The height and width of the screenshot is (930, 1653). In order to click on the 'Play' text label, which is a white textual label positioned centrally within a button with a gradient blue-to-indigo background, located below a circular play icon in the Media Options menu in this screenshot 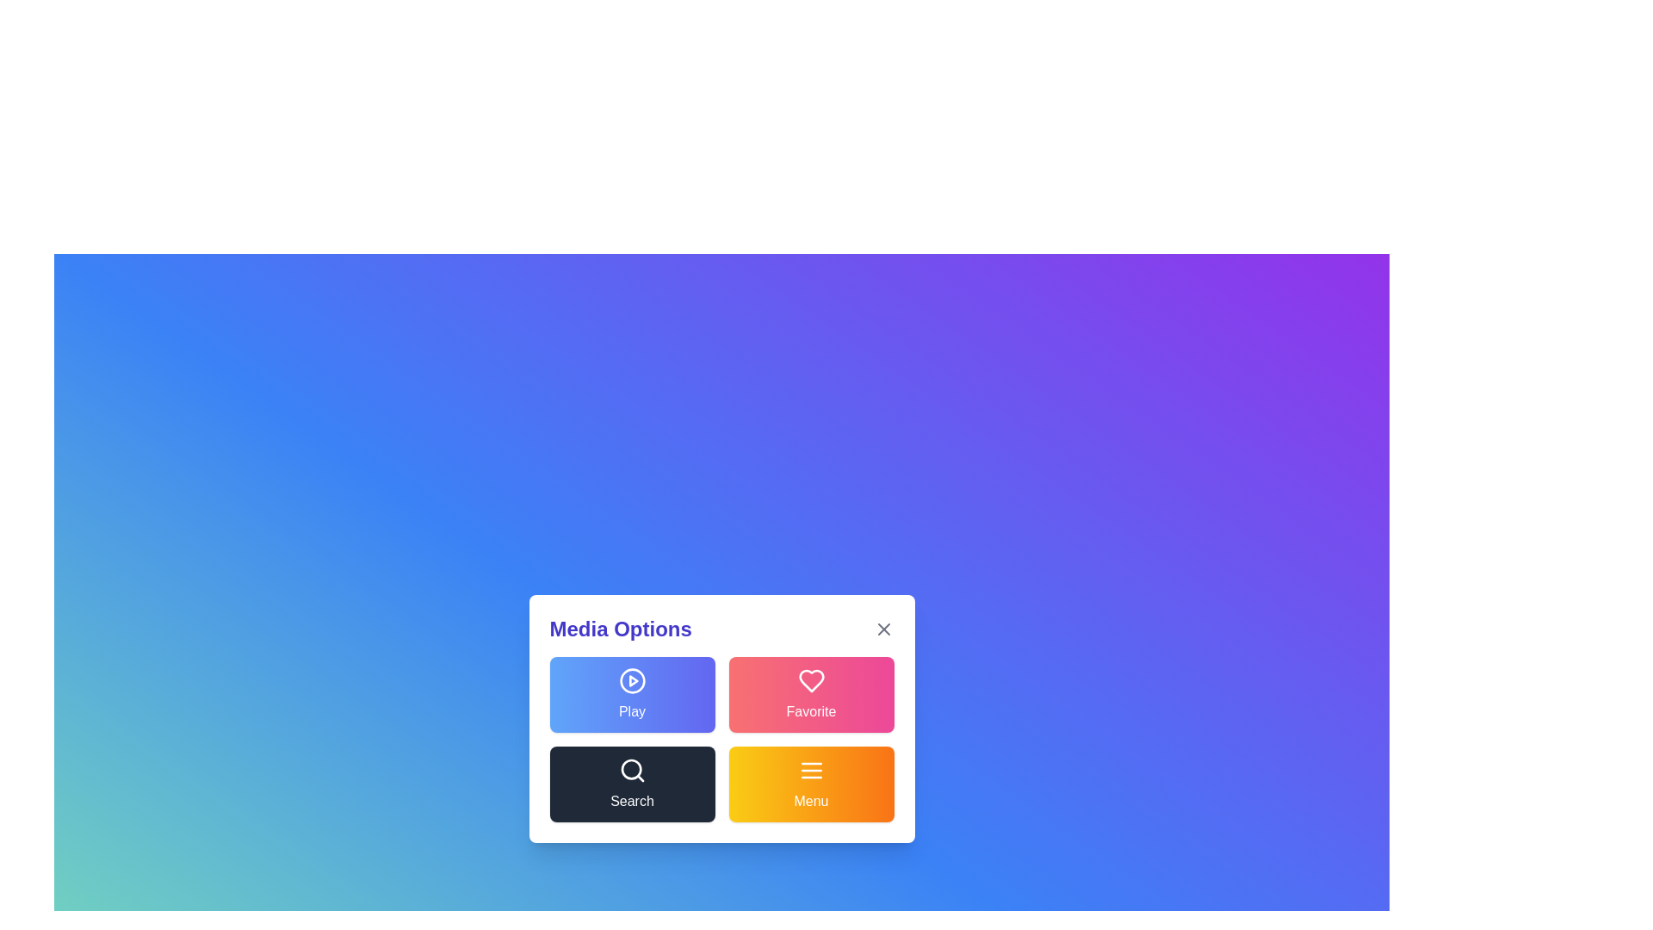, I will do `click(631, 711)`.